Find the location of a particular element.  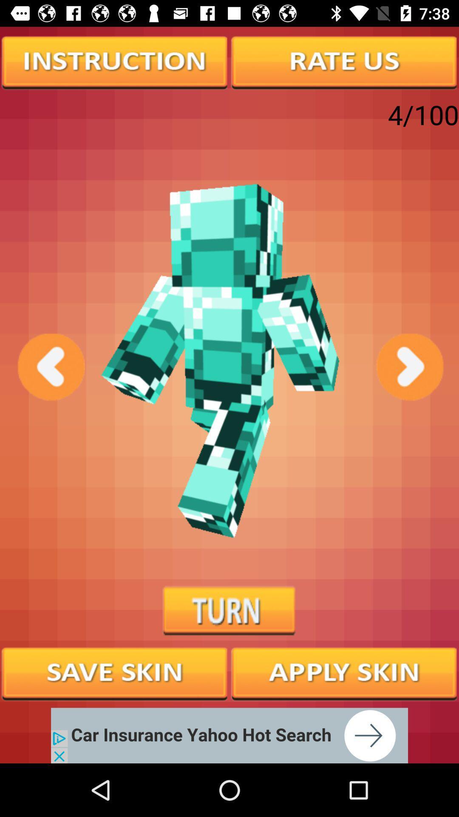

rate the application is located at coordinates (344, 61).